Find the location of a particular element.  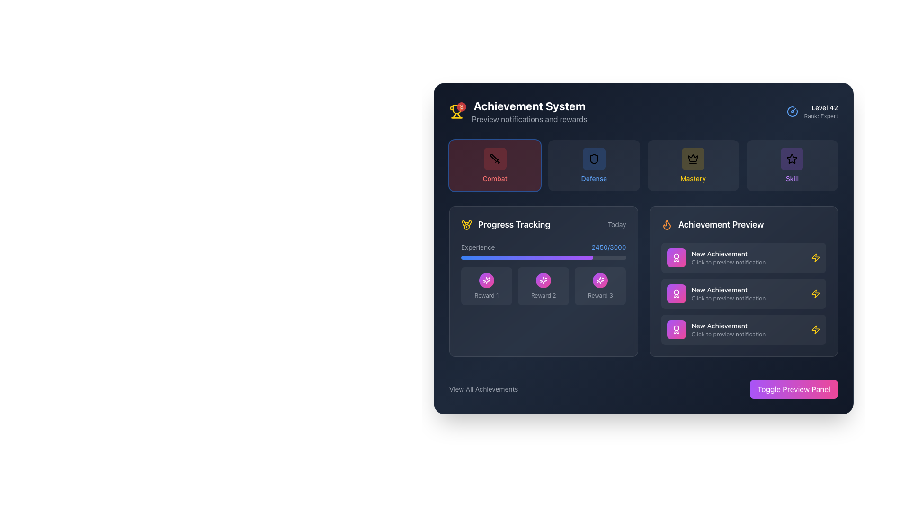

the 'Reward 3' button located in the bottom row of the 'Progress Tracking' panel to interact with it is located at coordinates (600, 286).